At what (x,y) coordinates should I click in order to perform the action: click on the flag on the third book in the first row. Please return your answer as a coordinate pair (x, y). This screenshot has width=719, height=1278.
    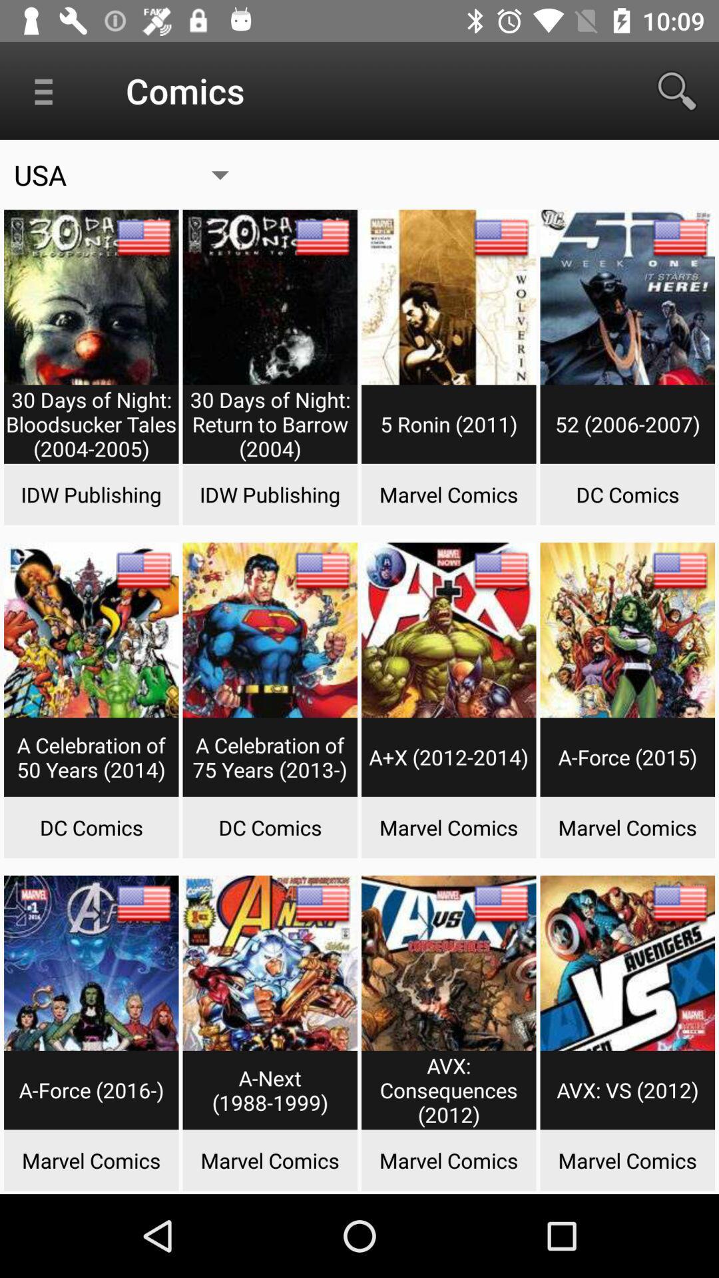
    Looking at the image, I should click on (501, 237).